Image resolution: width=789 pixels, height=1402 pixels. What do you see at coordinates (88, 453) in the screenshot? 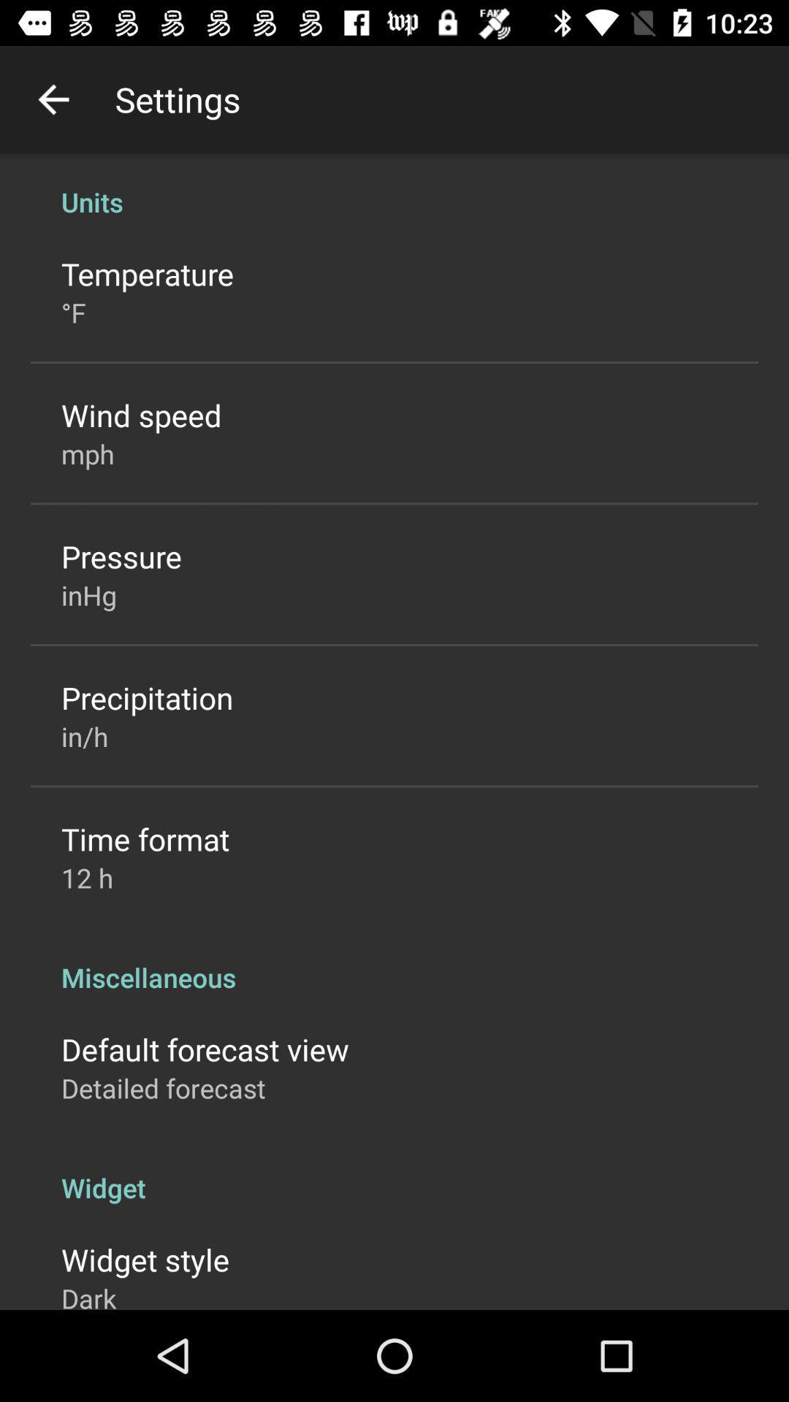
I see `the item below wind speed` at bounding box center [88, 453].